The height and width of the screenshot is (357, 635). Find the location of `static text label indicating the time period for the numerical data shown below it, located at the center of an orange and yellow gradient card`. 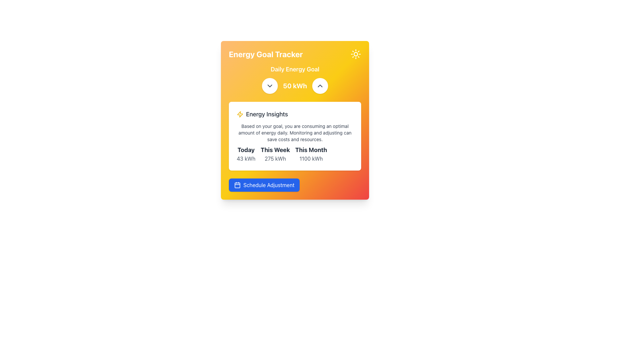

static text label indicating the time period for the numerical data shown below it, located at the center of an orange and yellow gradient card is located at coordinates (275, 150).